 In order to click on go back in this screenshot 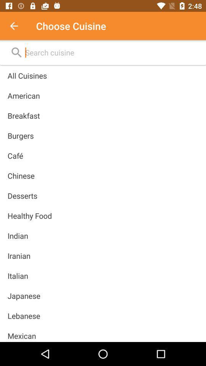, I will do `click(18, 26)`.